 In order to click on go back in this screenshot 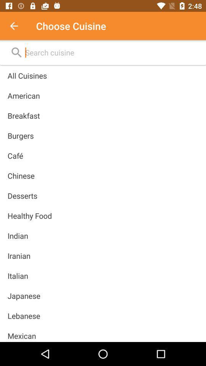, I will do `click(18, 26)`.